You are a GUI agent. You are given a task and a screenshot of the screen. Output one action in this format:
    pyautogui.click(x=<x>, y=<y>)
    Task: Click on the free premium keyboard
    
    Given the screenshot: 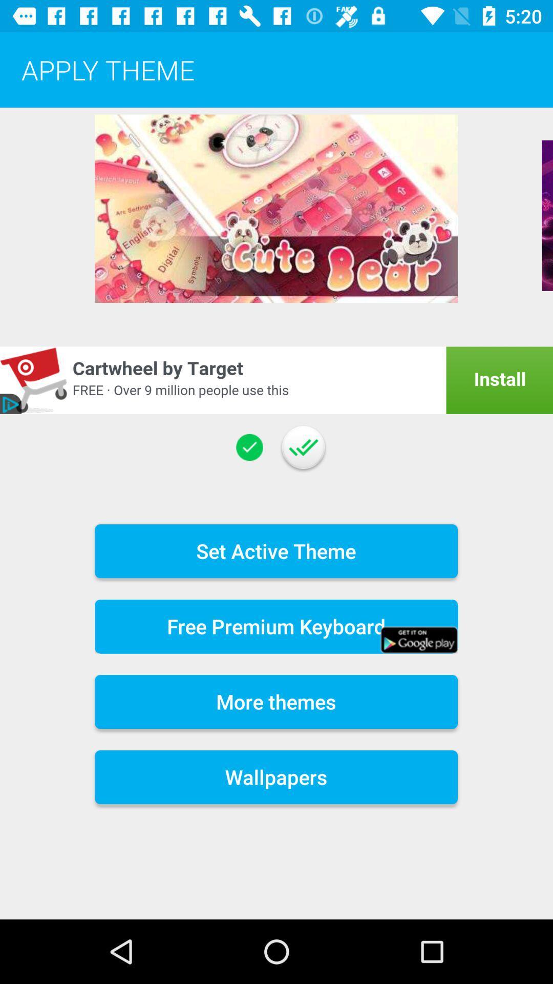 What is the action you would take?
    pyautogui.click(x=275, y=626)
    